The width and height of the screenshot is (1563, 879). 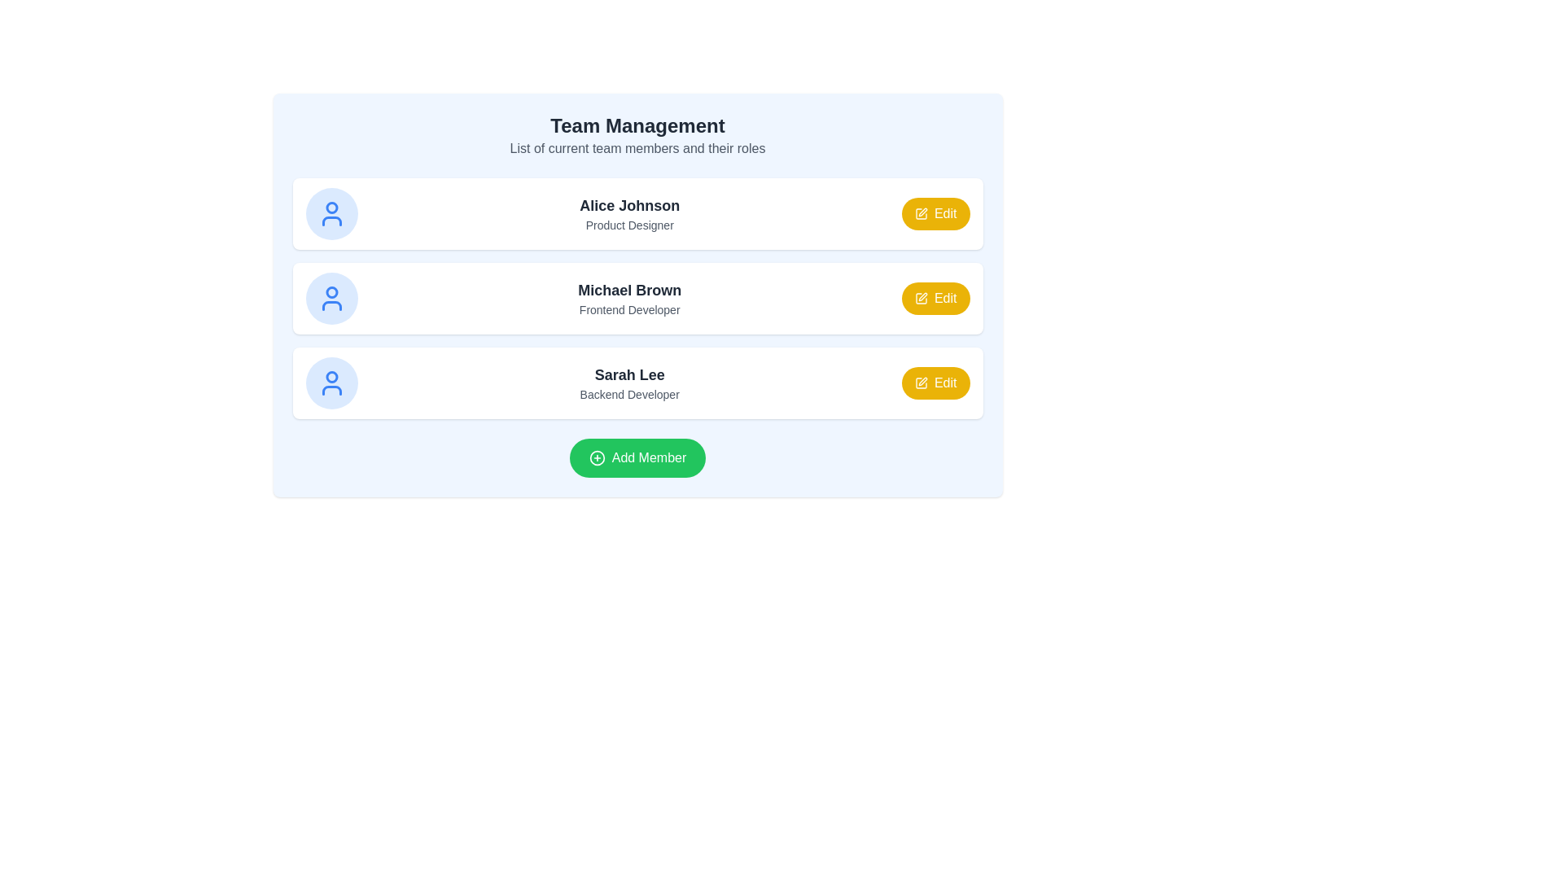 I want to click on the team member icon representing Alice Johnson, a Product Designer, located at the top of the Team Management section, so click(x=331, y=212).